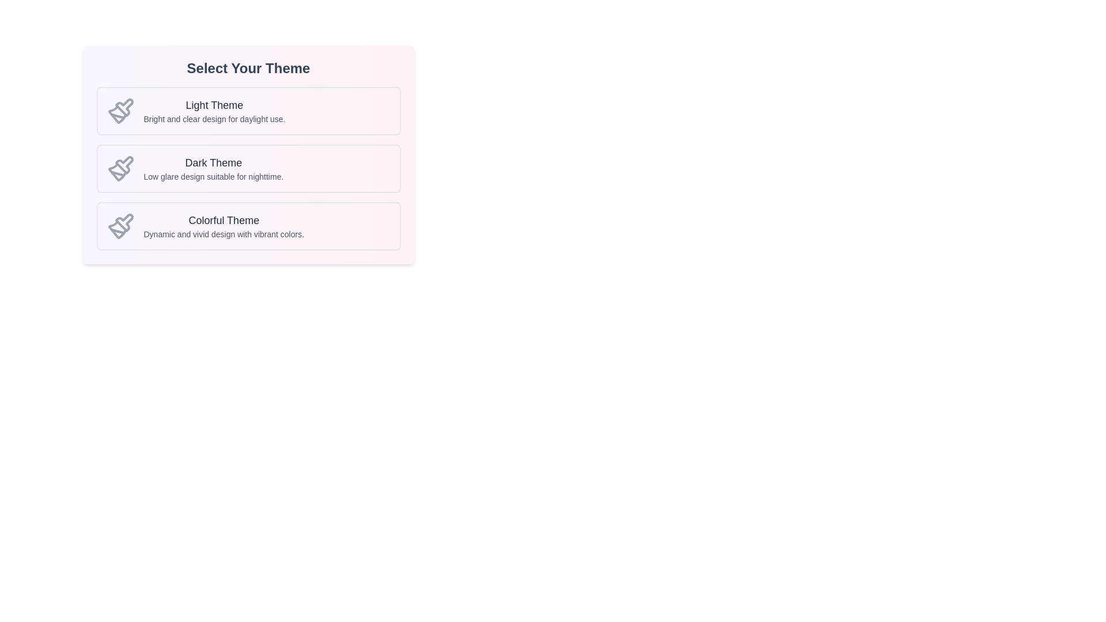 The image size is (1106, 622). What do you see at coordinates (214, 111) in the screenshot?
I see `the 'Light Theme' option block, which includes the title and description` at bounding box center [214, 111].